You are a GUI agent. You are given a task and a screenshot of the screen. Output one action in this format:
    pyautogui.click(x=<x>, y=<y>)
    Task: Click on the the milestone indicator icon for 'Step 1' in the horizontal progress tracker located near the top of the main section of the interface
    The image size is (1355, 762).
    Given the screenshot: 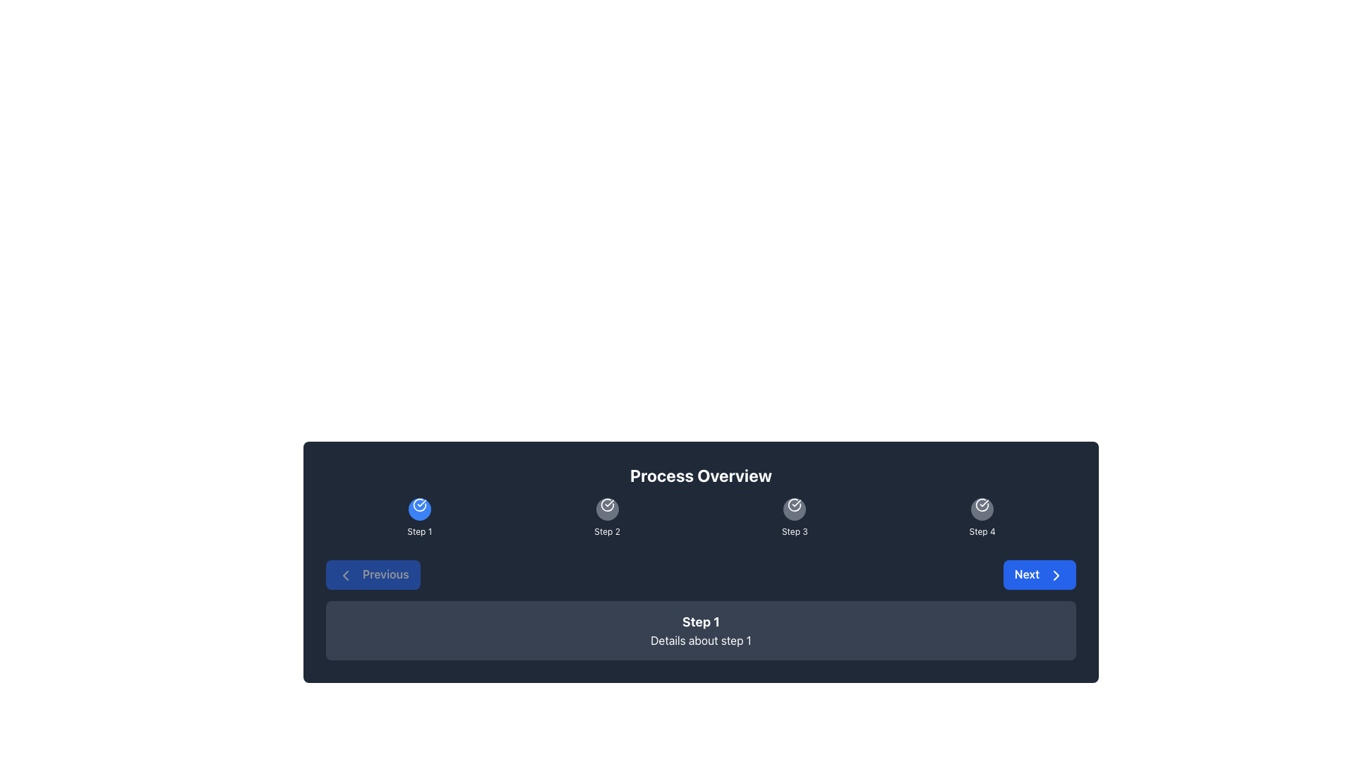 What is the action you would take?
    pyautogui.click(x=418, y=509)
    